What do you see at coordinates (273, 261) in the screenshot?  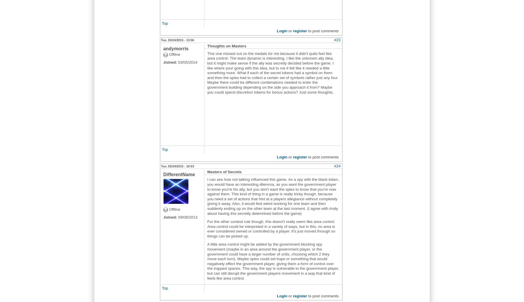 I see `'A little area control might be added by the government blocking spy movement (maybe in an area around the government player, or the government could have a larger number of units, choosing which 2 they move each turn).  Maybe spies could set traps or something that would negatively effect the government player, giving them a form of control over the trapped spaces. This way, the spy is vulnerable to the government player, but can still disrupt the government players movement in a way that kind of feels like area control.'` at bounding box center [273, 261].